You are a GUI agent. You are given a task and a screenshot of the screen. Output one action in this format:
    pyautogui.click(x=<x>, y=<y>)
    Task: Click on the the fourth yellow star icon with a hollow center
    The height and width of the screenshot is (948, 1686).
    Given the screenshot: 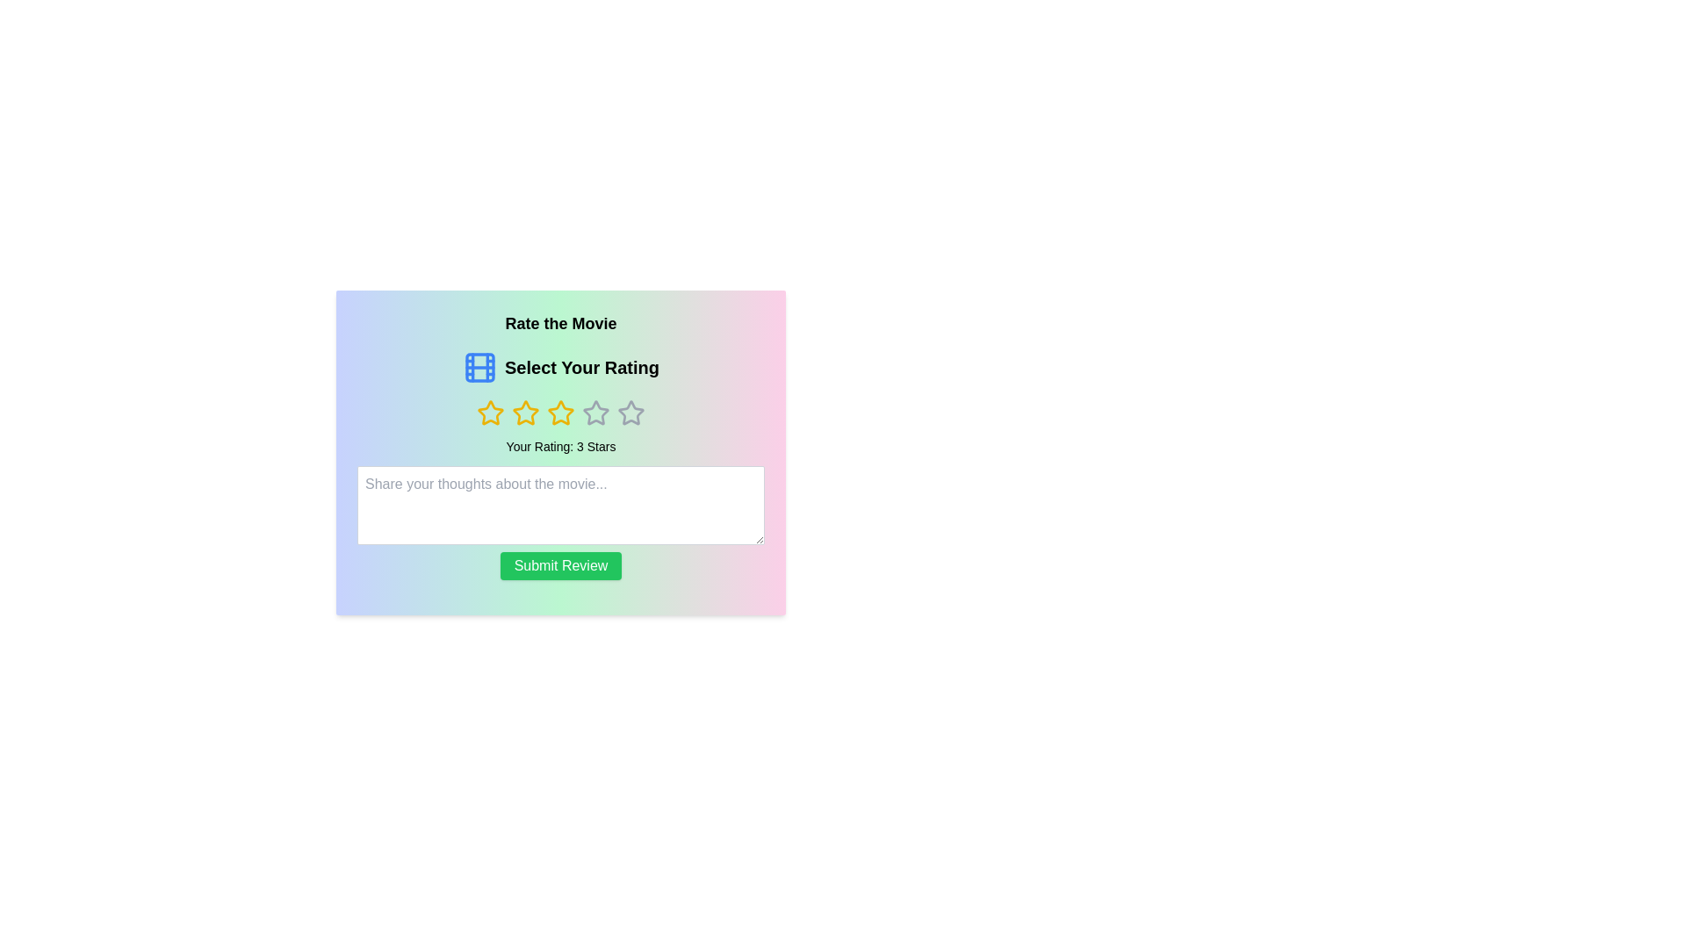 What is the action you would take?
    pyautogui.click(x=559, y=413)
    